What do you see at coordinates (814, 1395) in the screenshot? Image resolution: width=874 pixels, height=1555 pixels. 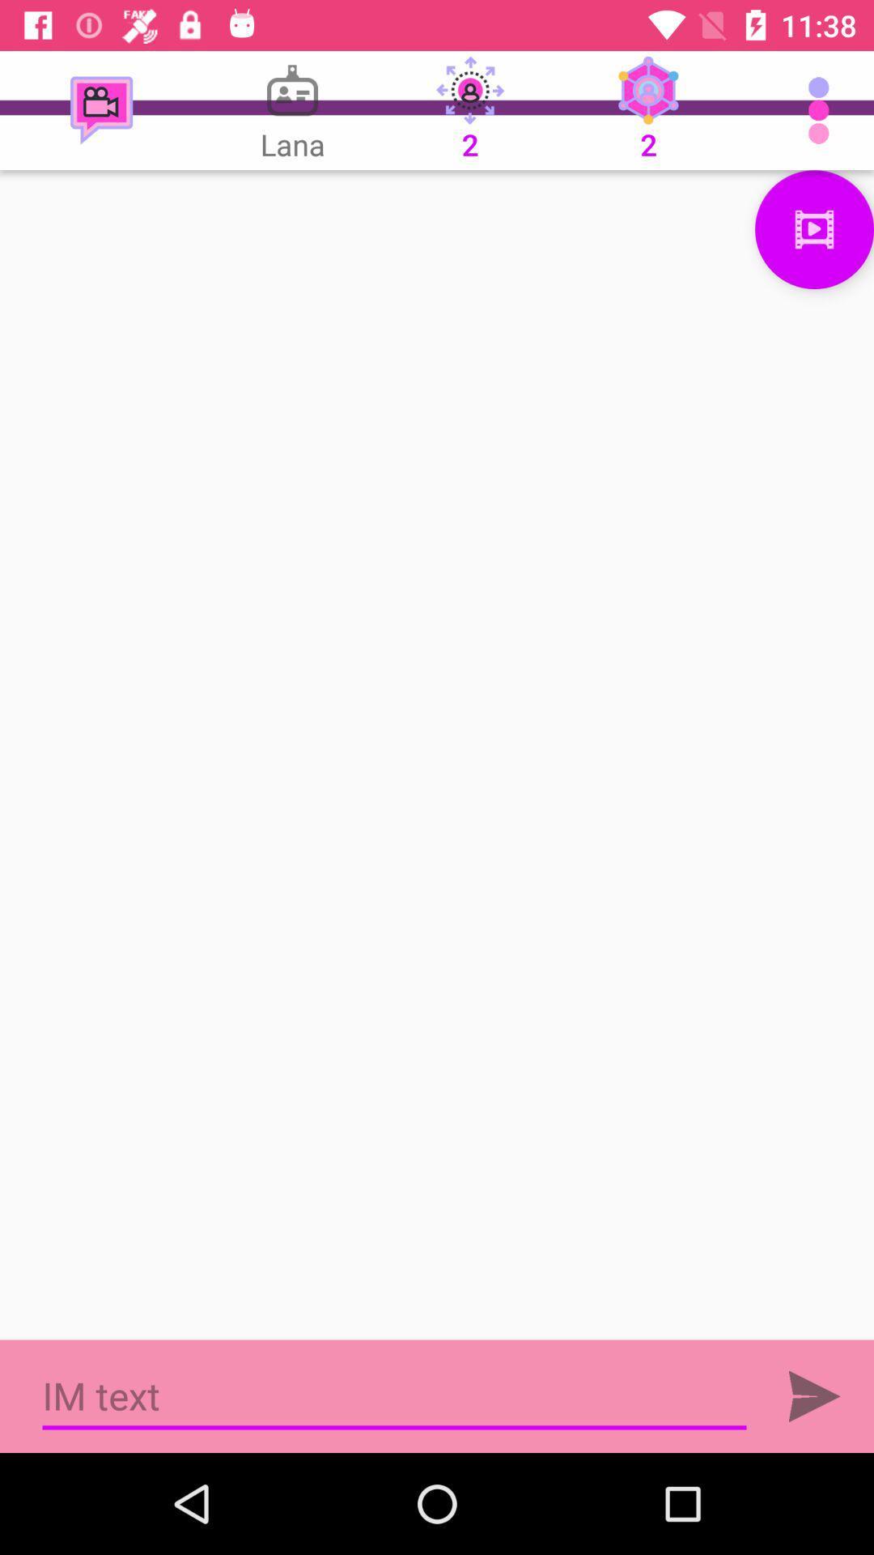 I see `send text` at bounding box center [814, 1395].